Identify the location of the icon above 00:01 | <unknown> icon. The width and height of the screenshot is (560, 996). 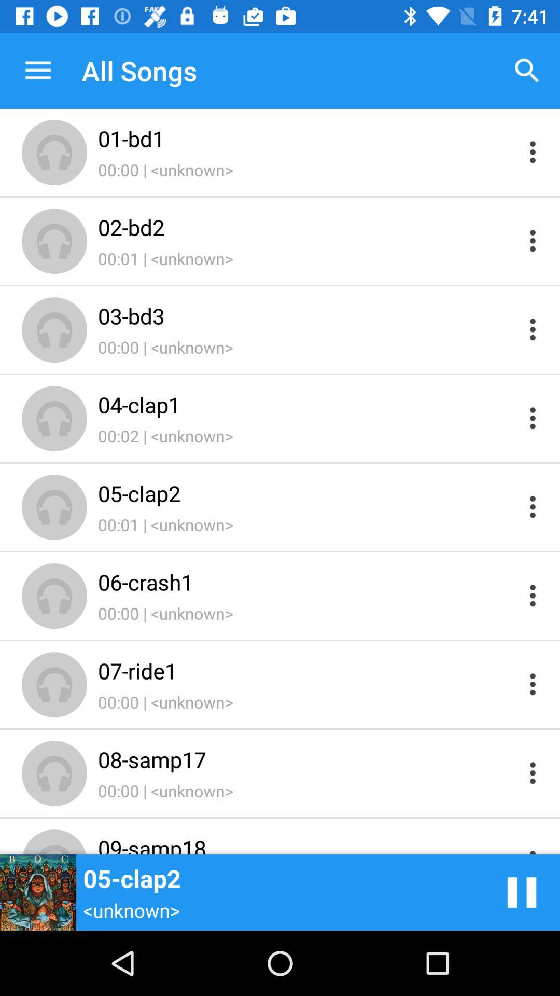
(306, 226).